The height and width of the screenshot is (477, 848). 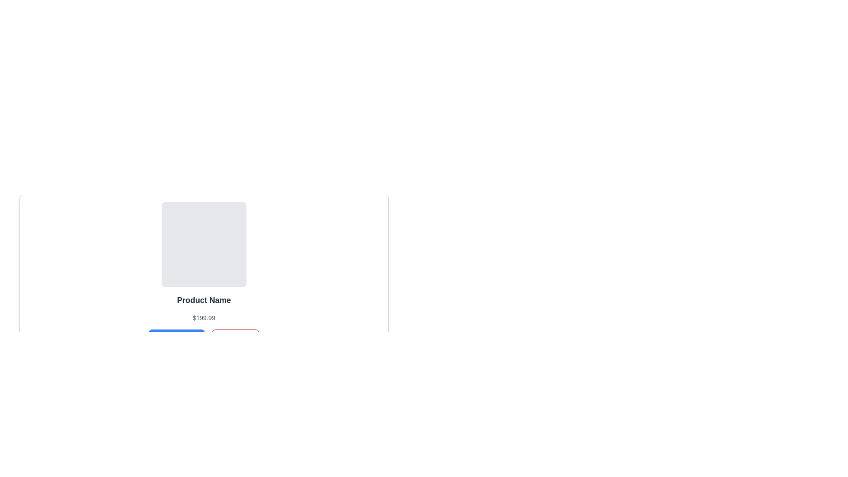 What do you see at coordinates (235, 337) in the screenshot?
I see `the 'Wishlist' button, which has a red border and a heart icon, located to the right of the 'Add to Cart' button under the product details` at bounding box center [235, 337].